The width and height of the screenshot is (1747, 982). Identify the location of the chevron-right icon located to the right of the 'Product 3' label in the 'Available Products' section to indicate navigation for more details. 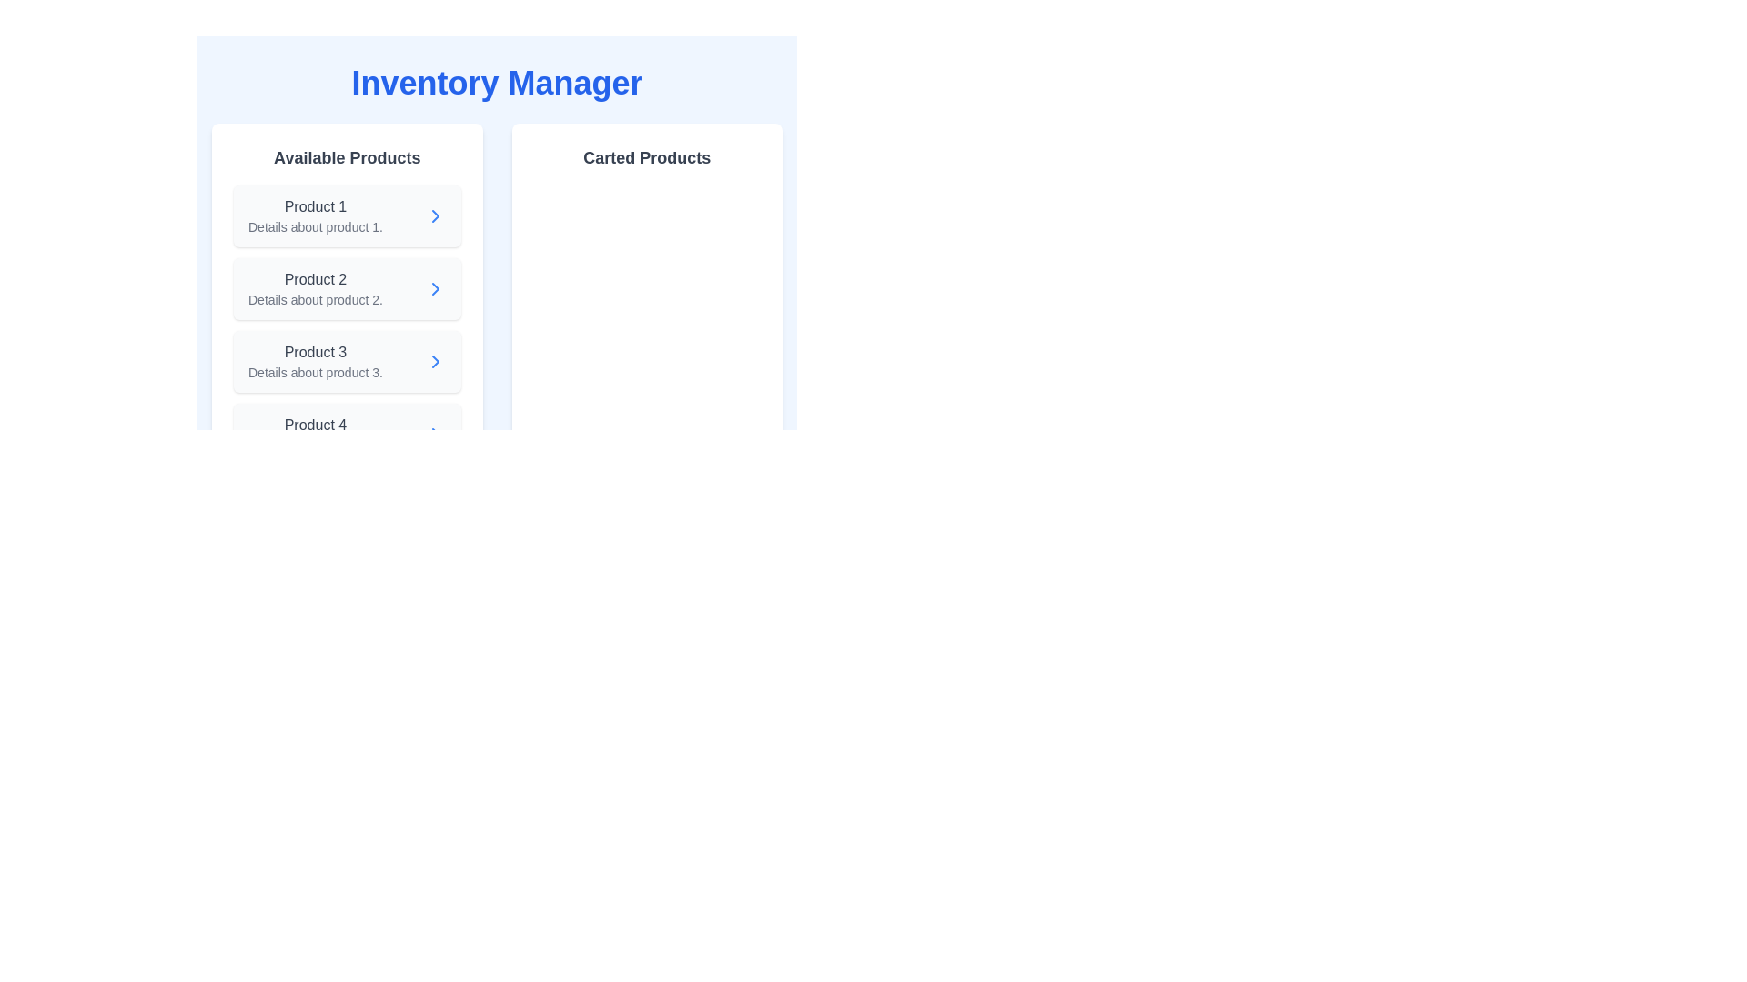
(434, 361).